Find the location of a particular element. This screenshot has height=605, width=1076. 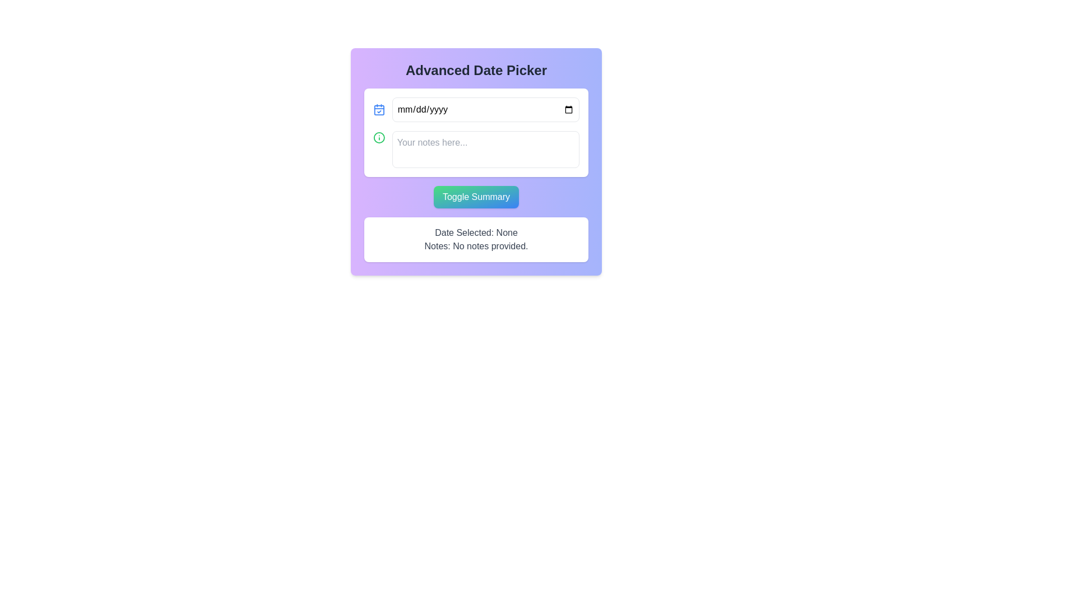

the summary display box located at the bottom of the 'Advanced Date Picker' section, directly below the 'Toggle Summary' button is located at coordinates (476, 239).